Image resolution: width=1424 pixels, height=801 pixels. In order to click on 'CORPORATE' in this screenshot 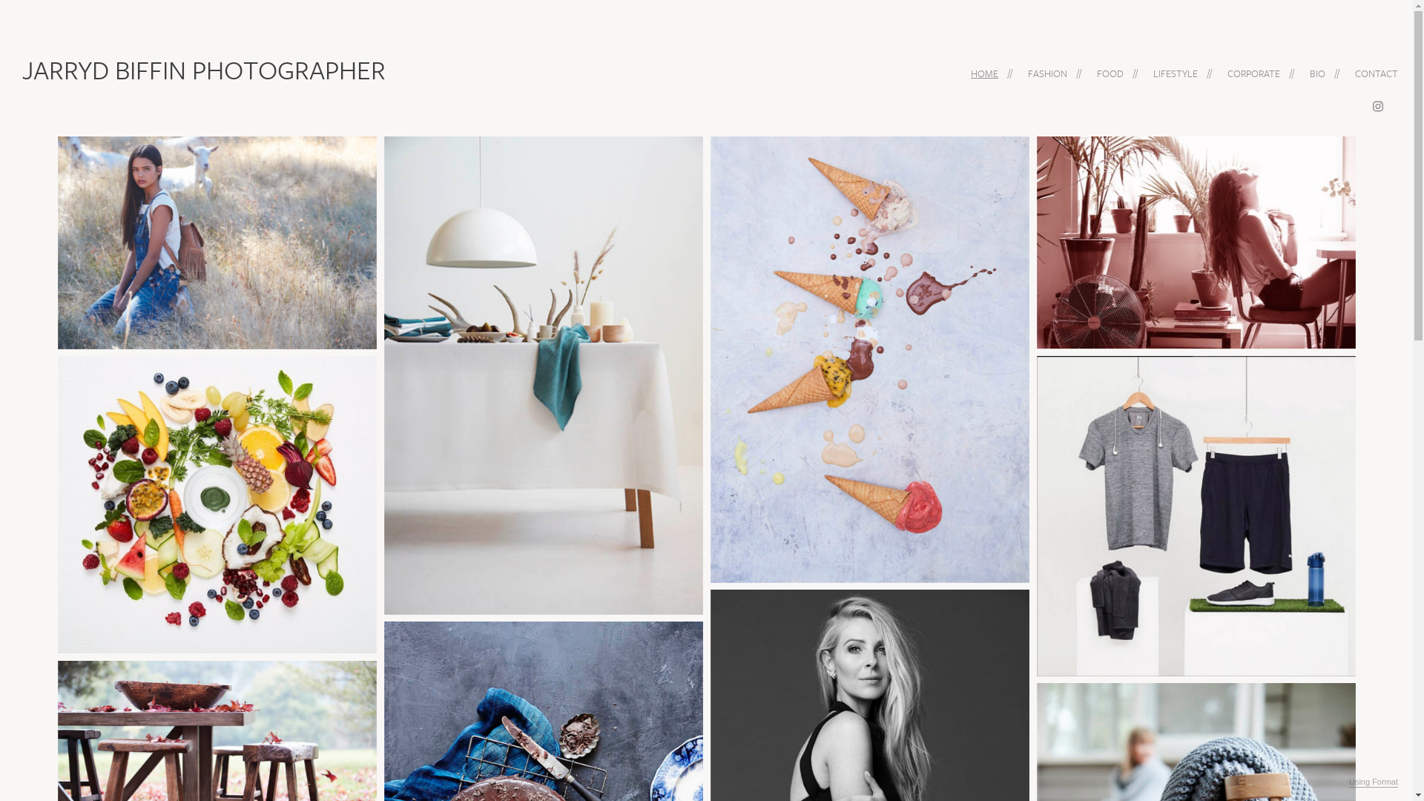, I will do `click(1253, 71)`.